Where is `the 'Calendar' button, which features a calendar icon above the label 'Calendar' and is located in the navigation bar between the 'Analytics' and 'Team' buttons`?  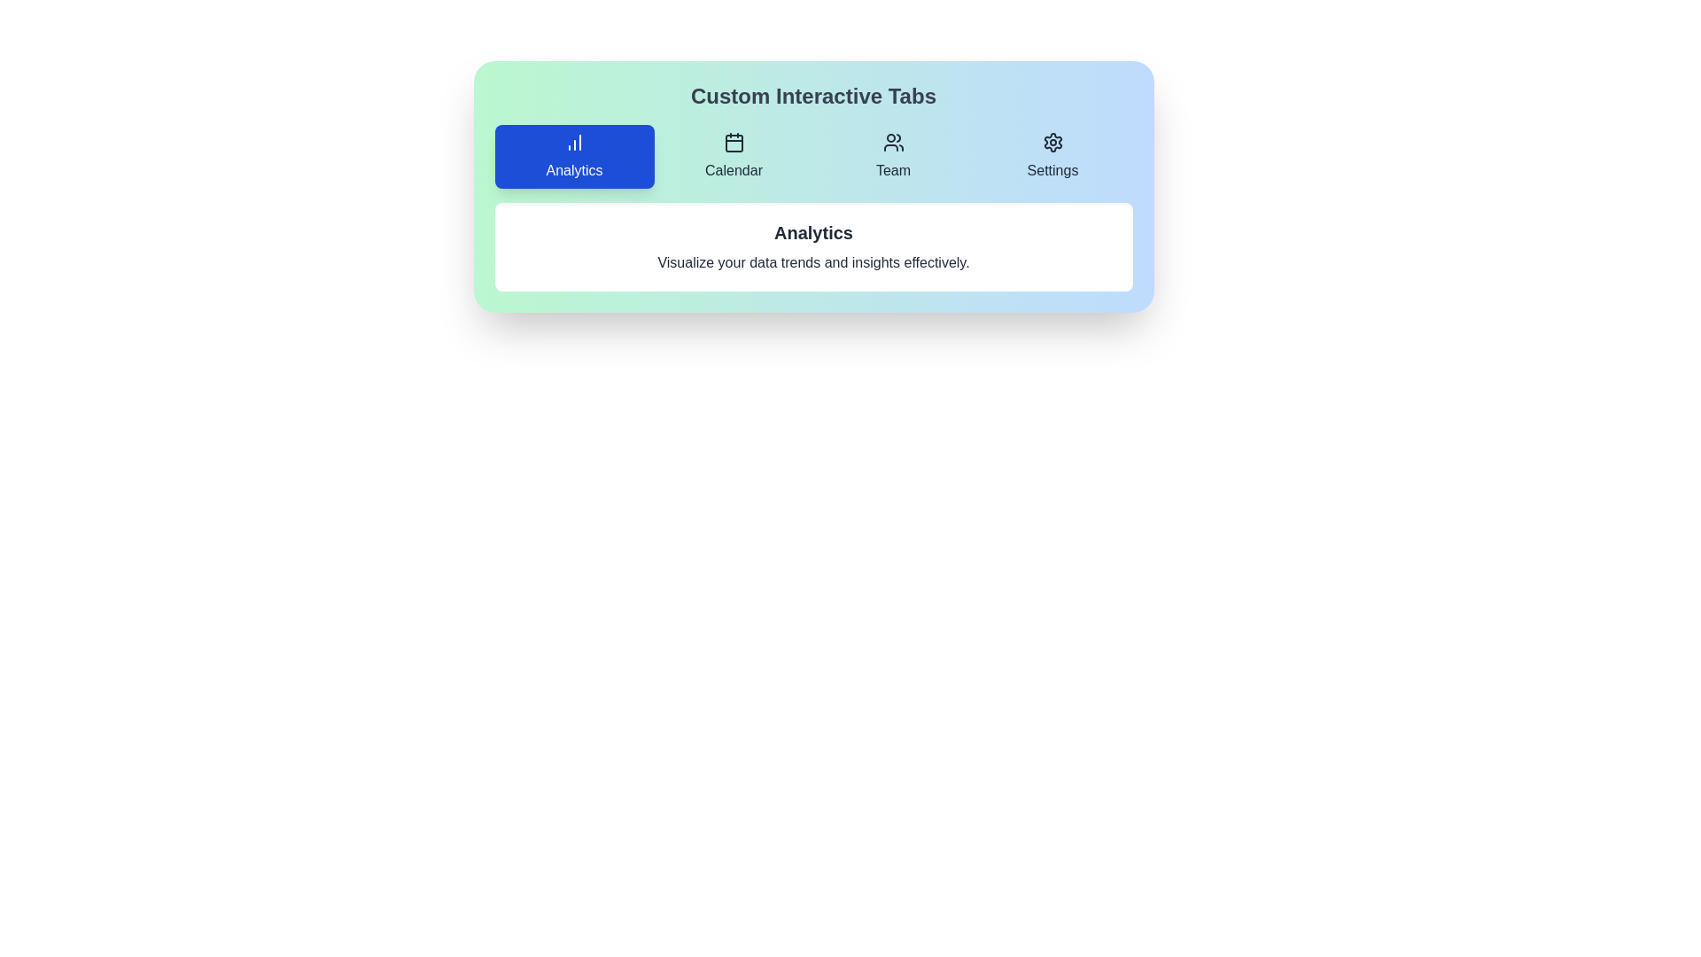
the 'Calendar' button, which features a calendar icon above the label 'Calendar' and is located in the navigation bar between the 'Analytics' and 'Team' buttons is located at coordinates (734, 156).